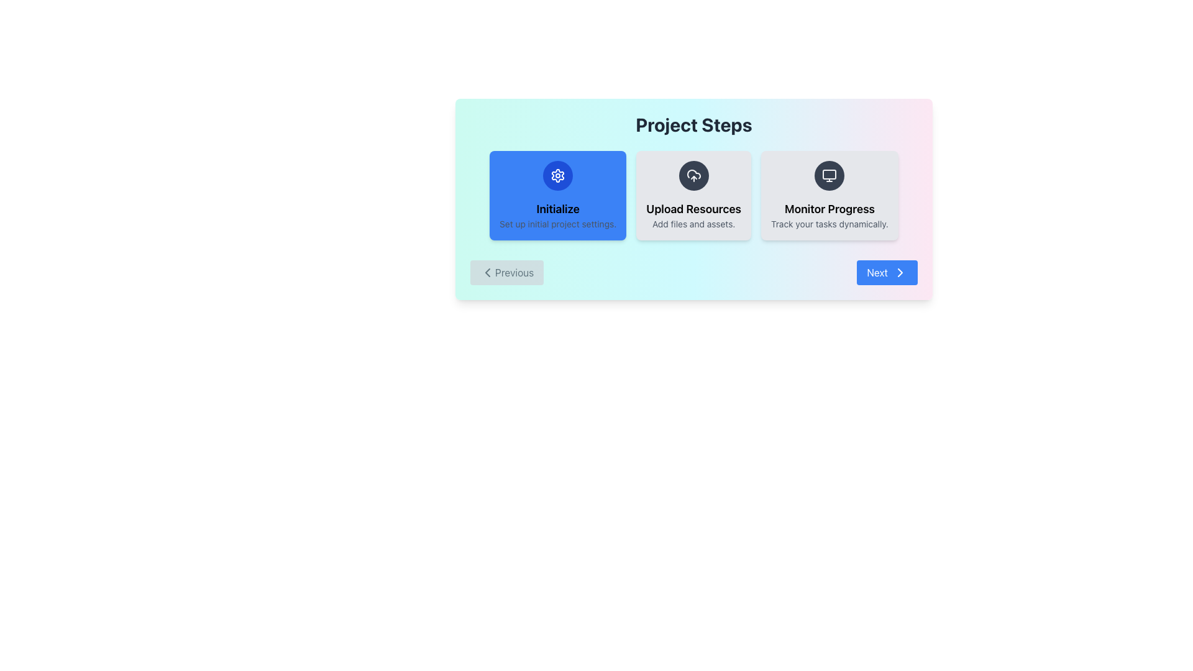  What do you see at coordinates (887, 272) in the screenshot?
I see `the blue 'Next' button with a right arrow icon` at bounding box center [887, 272].